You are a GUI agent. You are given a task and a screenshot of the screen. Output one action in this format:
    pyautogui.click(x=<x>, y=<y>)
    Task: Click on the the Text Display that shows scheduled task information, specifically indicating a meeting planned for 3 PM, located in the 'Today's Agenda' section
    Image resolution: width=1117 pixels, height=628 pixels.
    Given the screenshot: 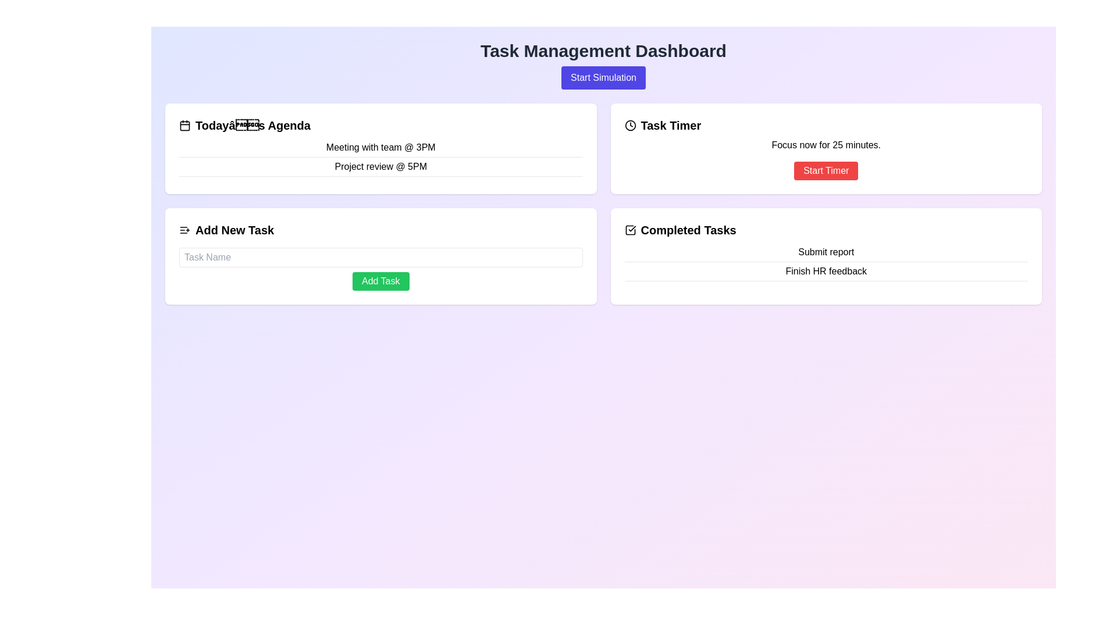 What is the action you would take?
    pyautogui.click(x=380, y=147)
    